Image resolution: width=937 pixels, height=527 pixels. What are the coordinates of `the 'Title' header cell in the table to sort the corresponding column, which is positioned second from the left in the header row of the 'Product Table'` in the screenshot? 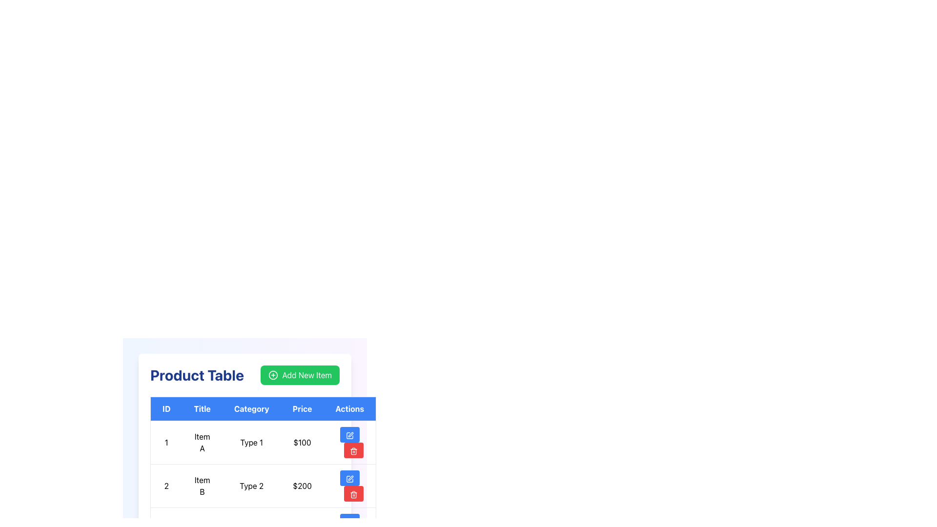 It's located at (202, 408).